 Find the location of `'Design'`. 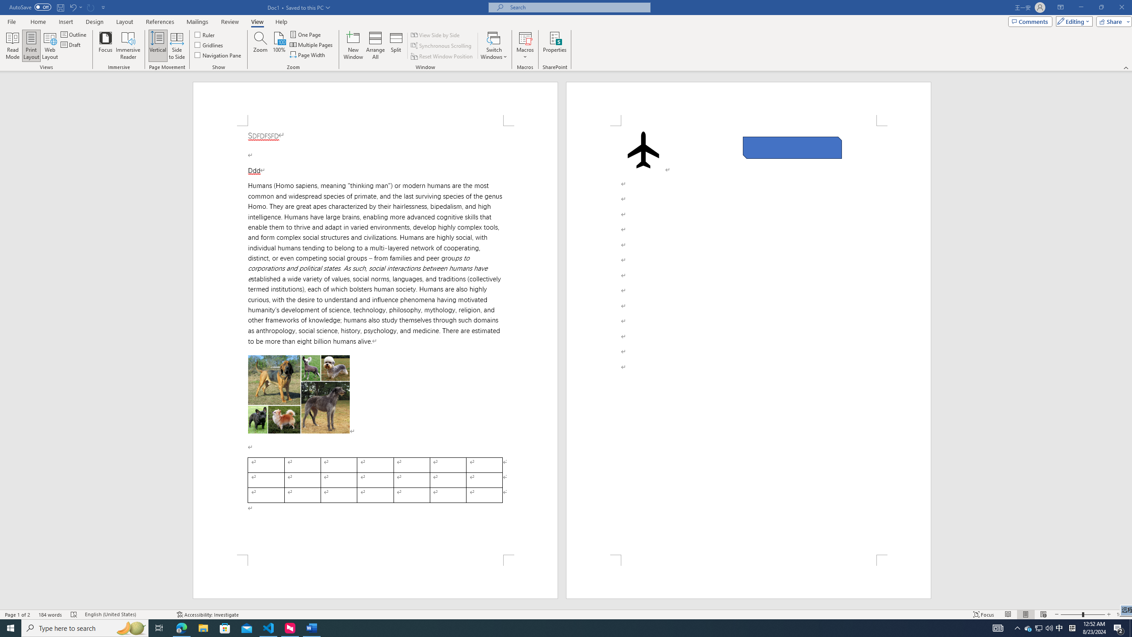

'Design' is located at coordinates (95, 22).